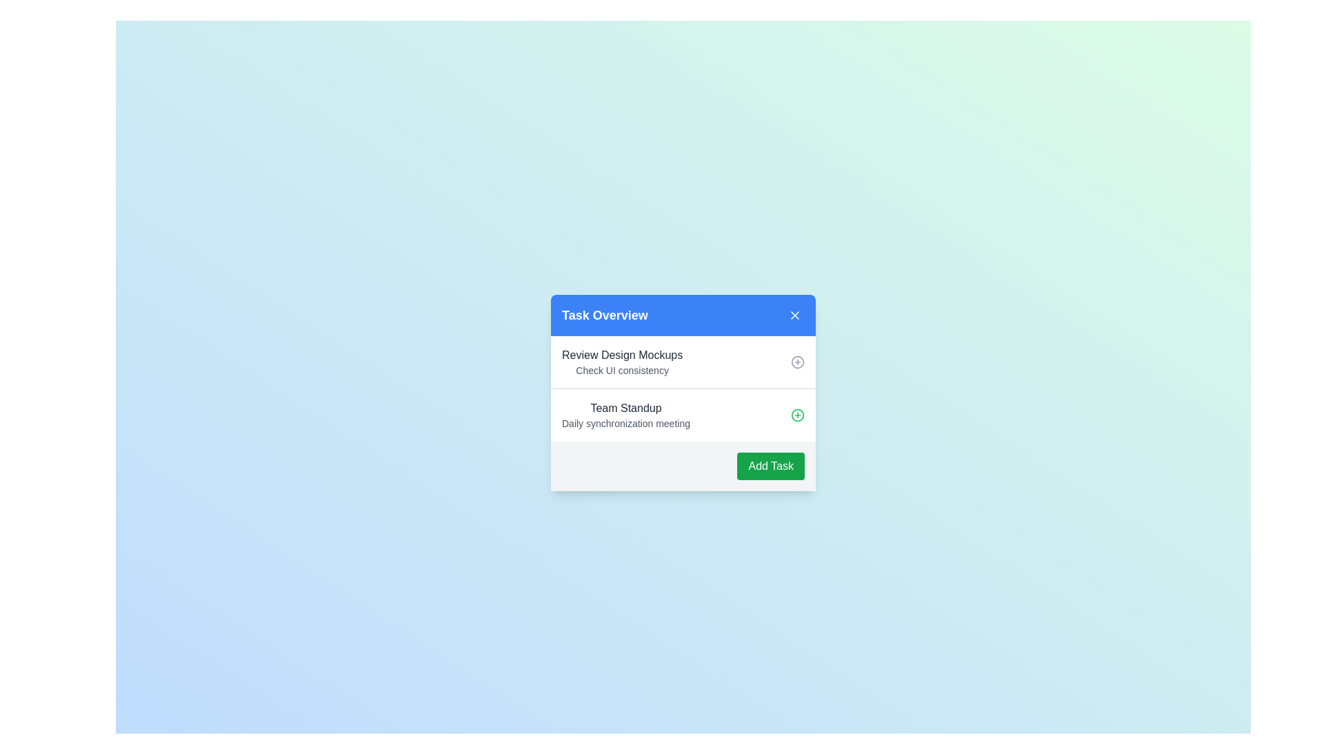  I want to click on the close button in the top-right corner of the Task Overview panel, so click(794, 315).